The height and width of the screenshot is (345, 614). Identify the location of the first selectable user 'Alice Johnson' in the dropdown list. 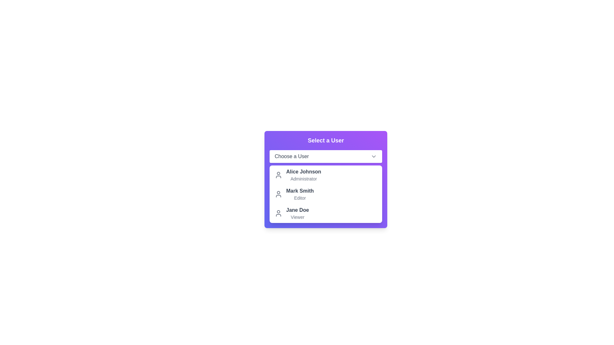
(326, 180).